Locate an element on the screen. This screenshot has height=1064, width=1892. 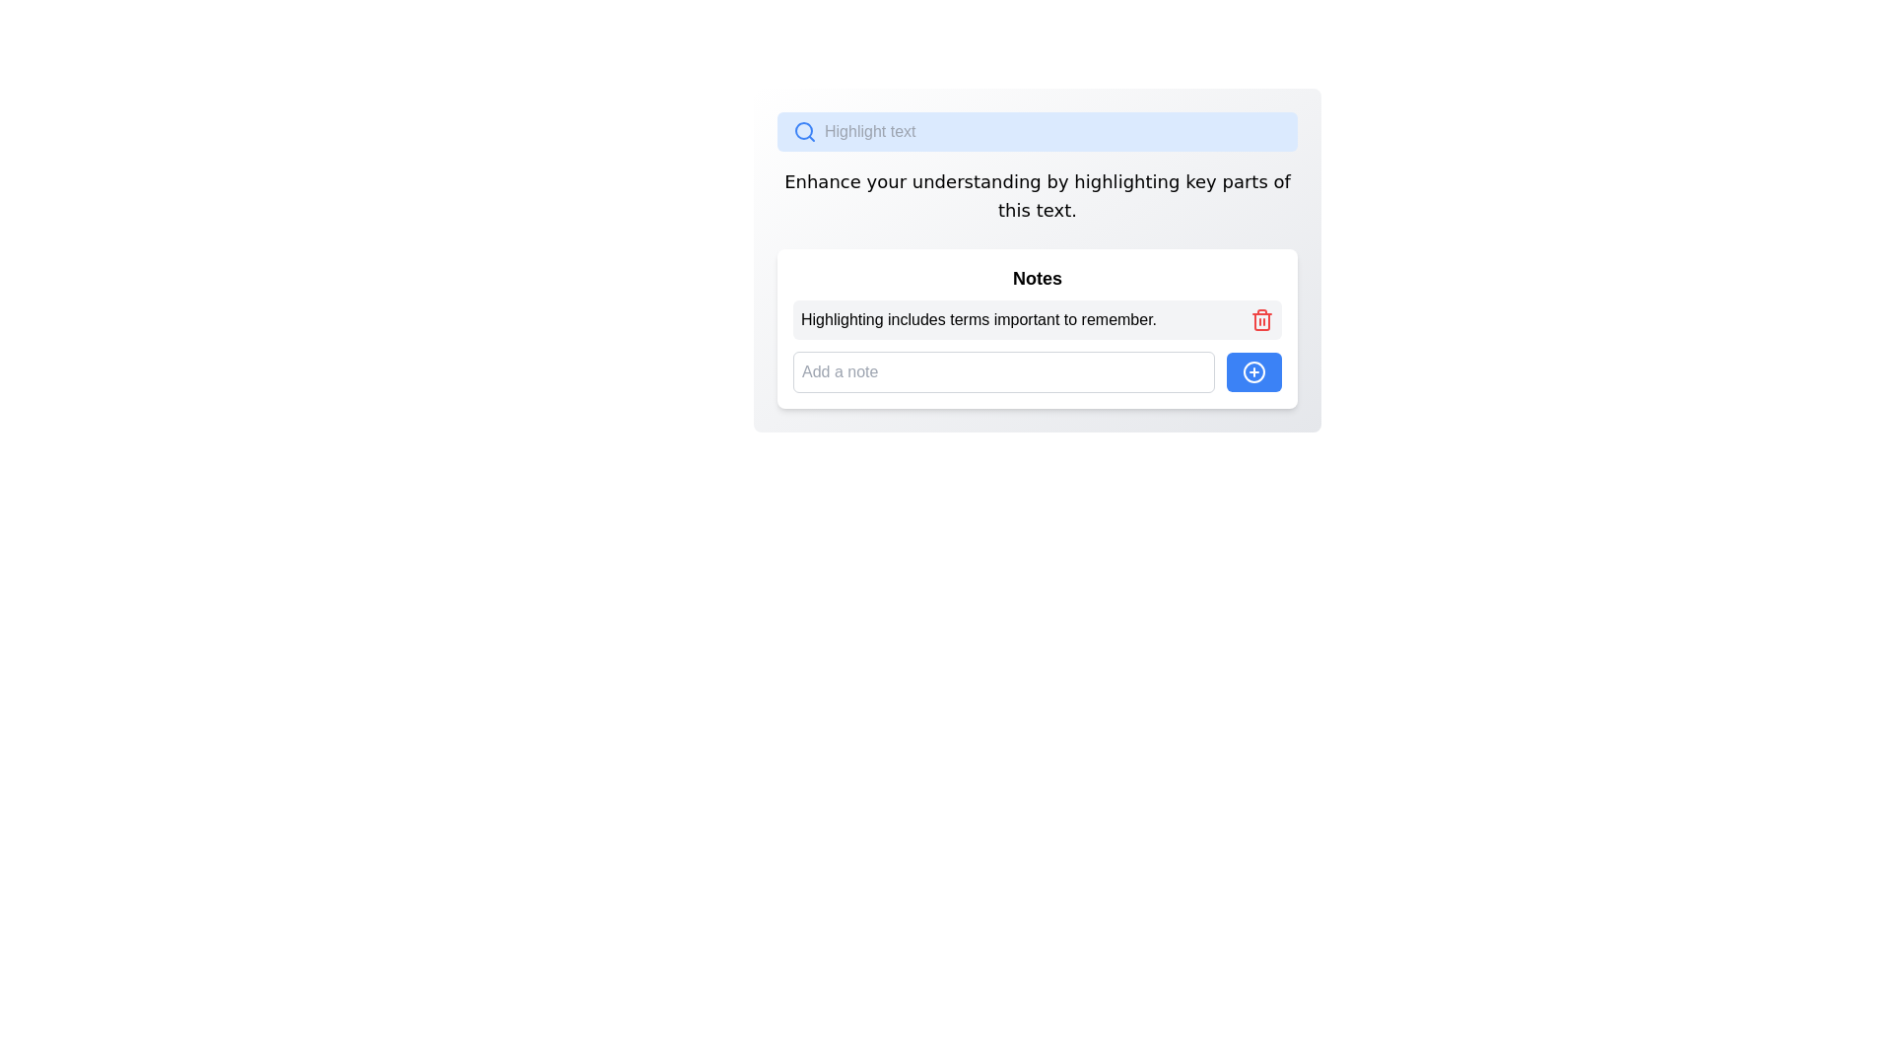
the 'i' character in the phrase 'Enhance your understanding by highlighting key parts of this text,' which is located below the search bar and above the notes section is located at coordinates (1155, 181).